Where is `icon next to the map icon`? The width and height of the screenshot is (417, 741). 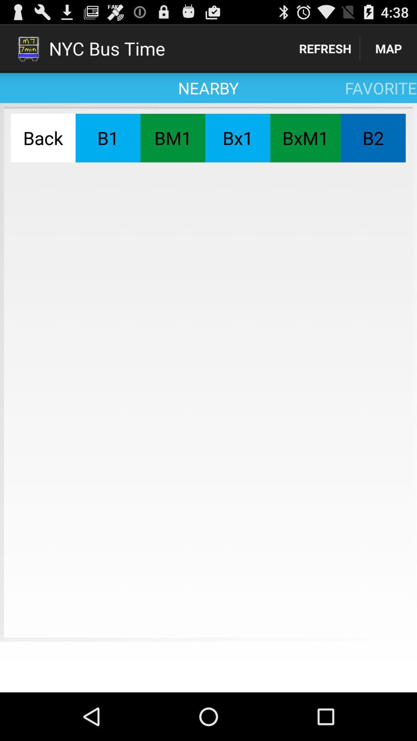 icon next to the map icon is located at coordinates (325, 48).